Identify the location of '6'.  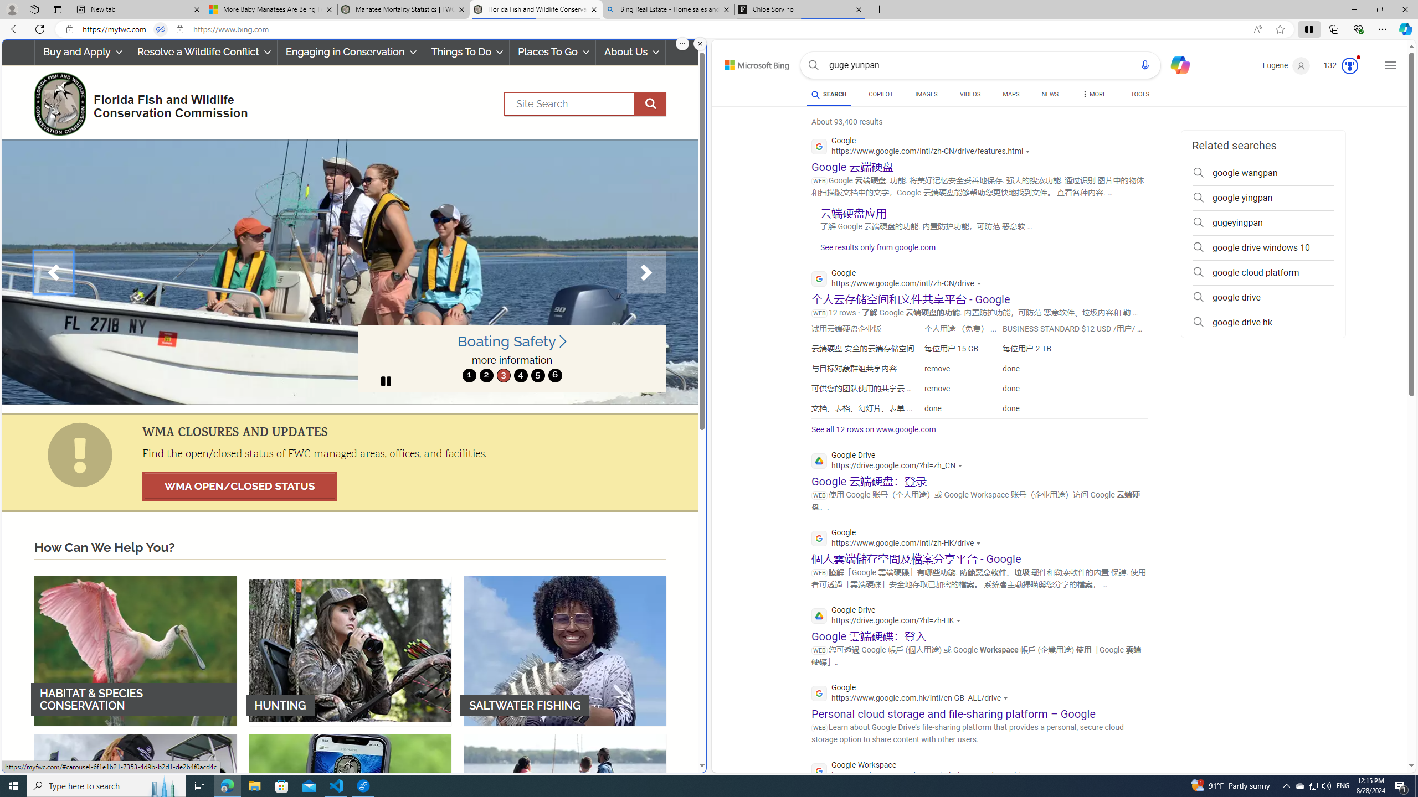
(553, 375).